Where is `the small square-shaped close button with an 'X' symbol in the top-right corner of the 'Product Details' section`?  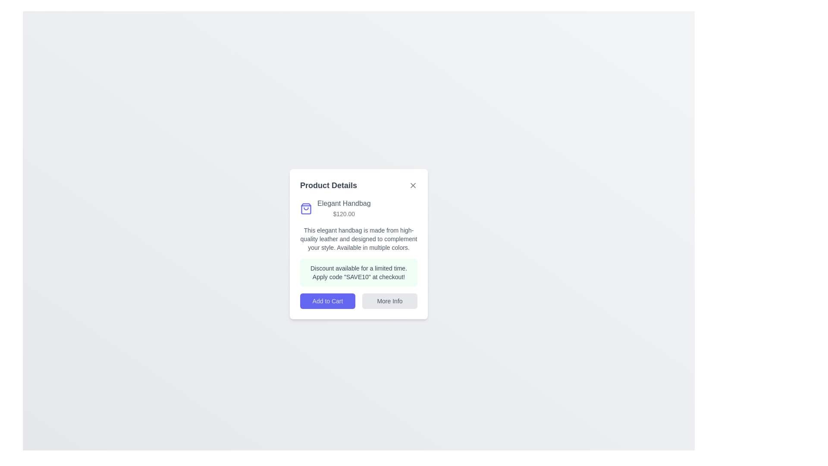
the small square-shaped close button with an 'X' symbol in the top-right corner of the 'Product Details' section is located at coordinates (413, 185).